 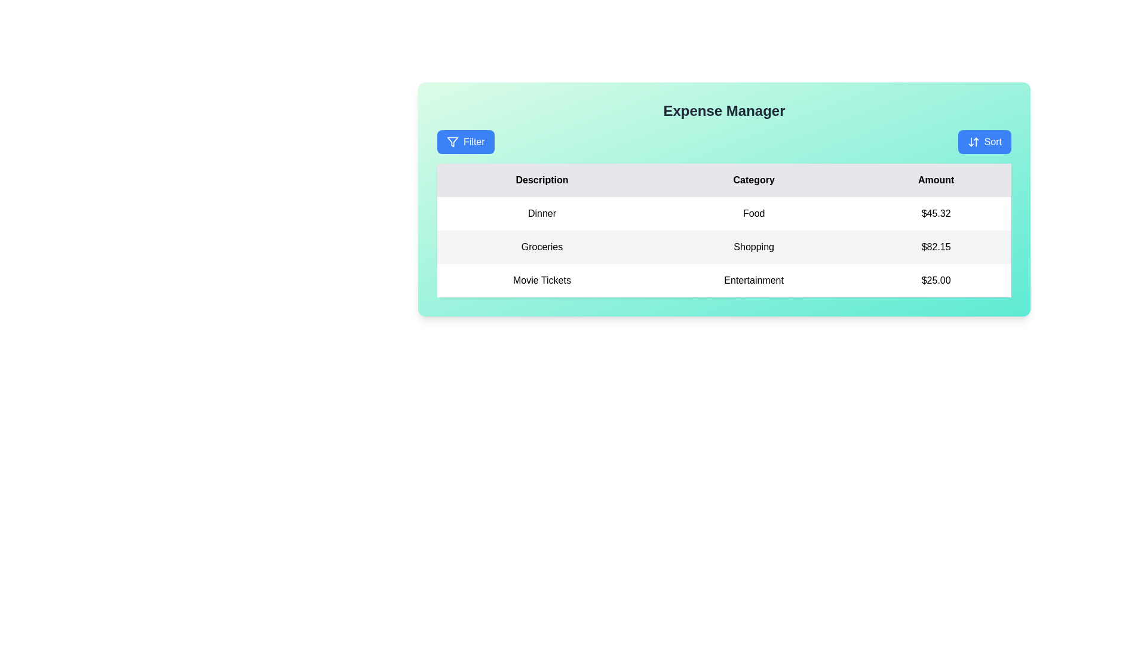 What do you see at coordinates (753, 180) in the screenshot?
I see `the 'Category' column header in the table, which serves as a label for the data below it, indicating categories` at bounding box center [753, 180].